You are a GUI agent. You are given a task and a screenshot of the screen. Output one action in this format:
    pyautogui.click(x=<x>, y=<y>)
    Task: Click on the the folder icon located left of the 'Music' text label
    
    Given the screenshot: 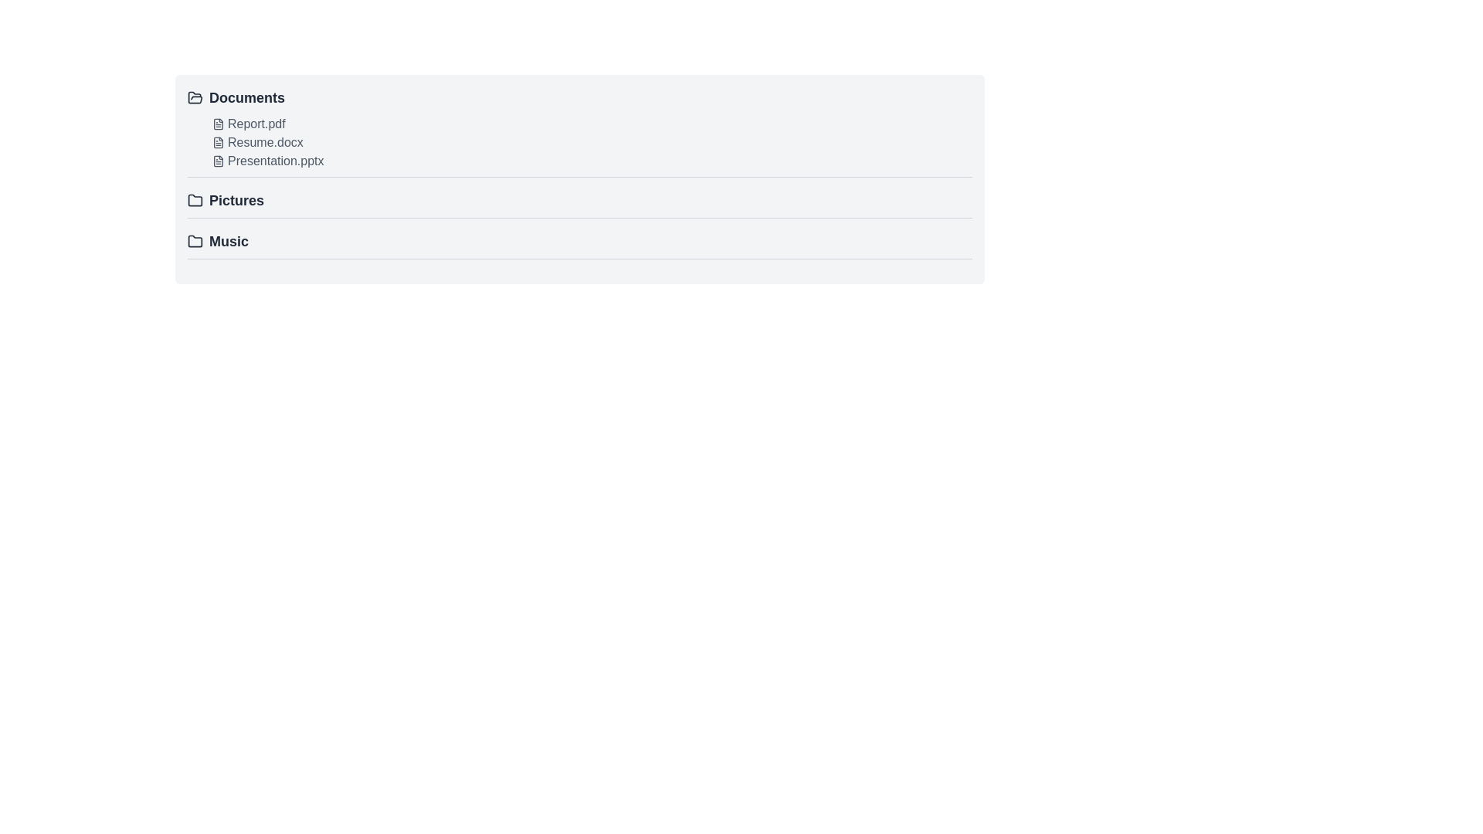 What is the action you would take?
    pyautogui.click(x=195, y=241)
    